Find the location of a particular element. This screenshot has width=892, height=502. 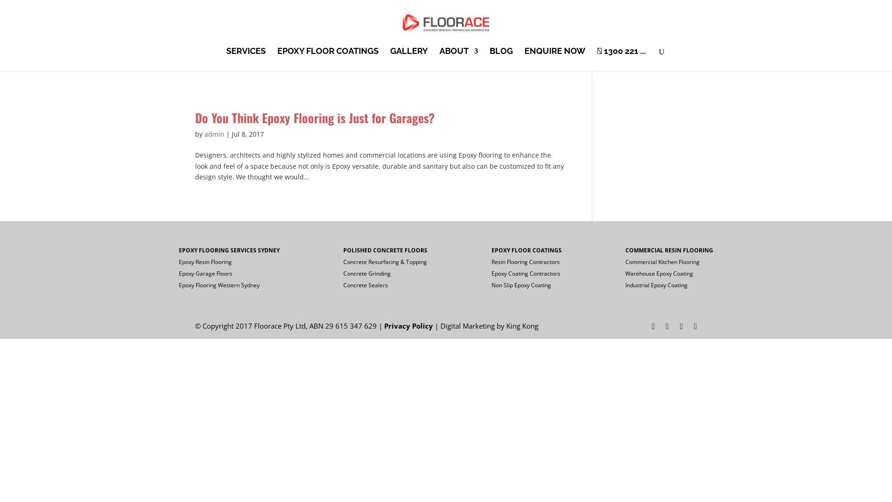

'Concrete Resurfacing & Topping' is located at coordinates (385, 262).